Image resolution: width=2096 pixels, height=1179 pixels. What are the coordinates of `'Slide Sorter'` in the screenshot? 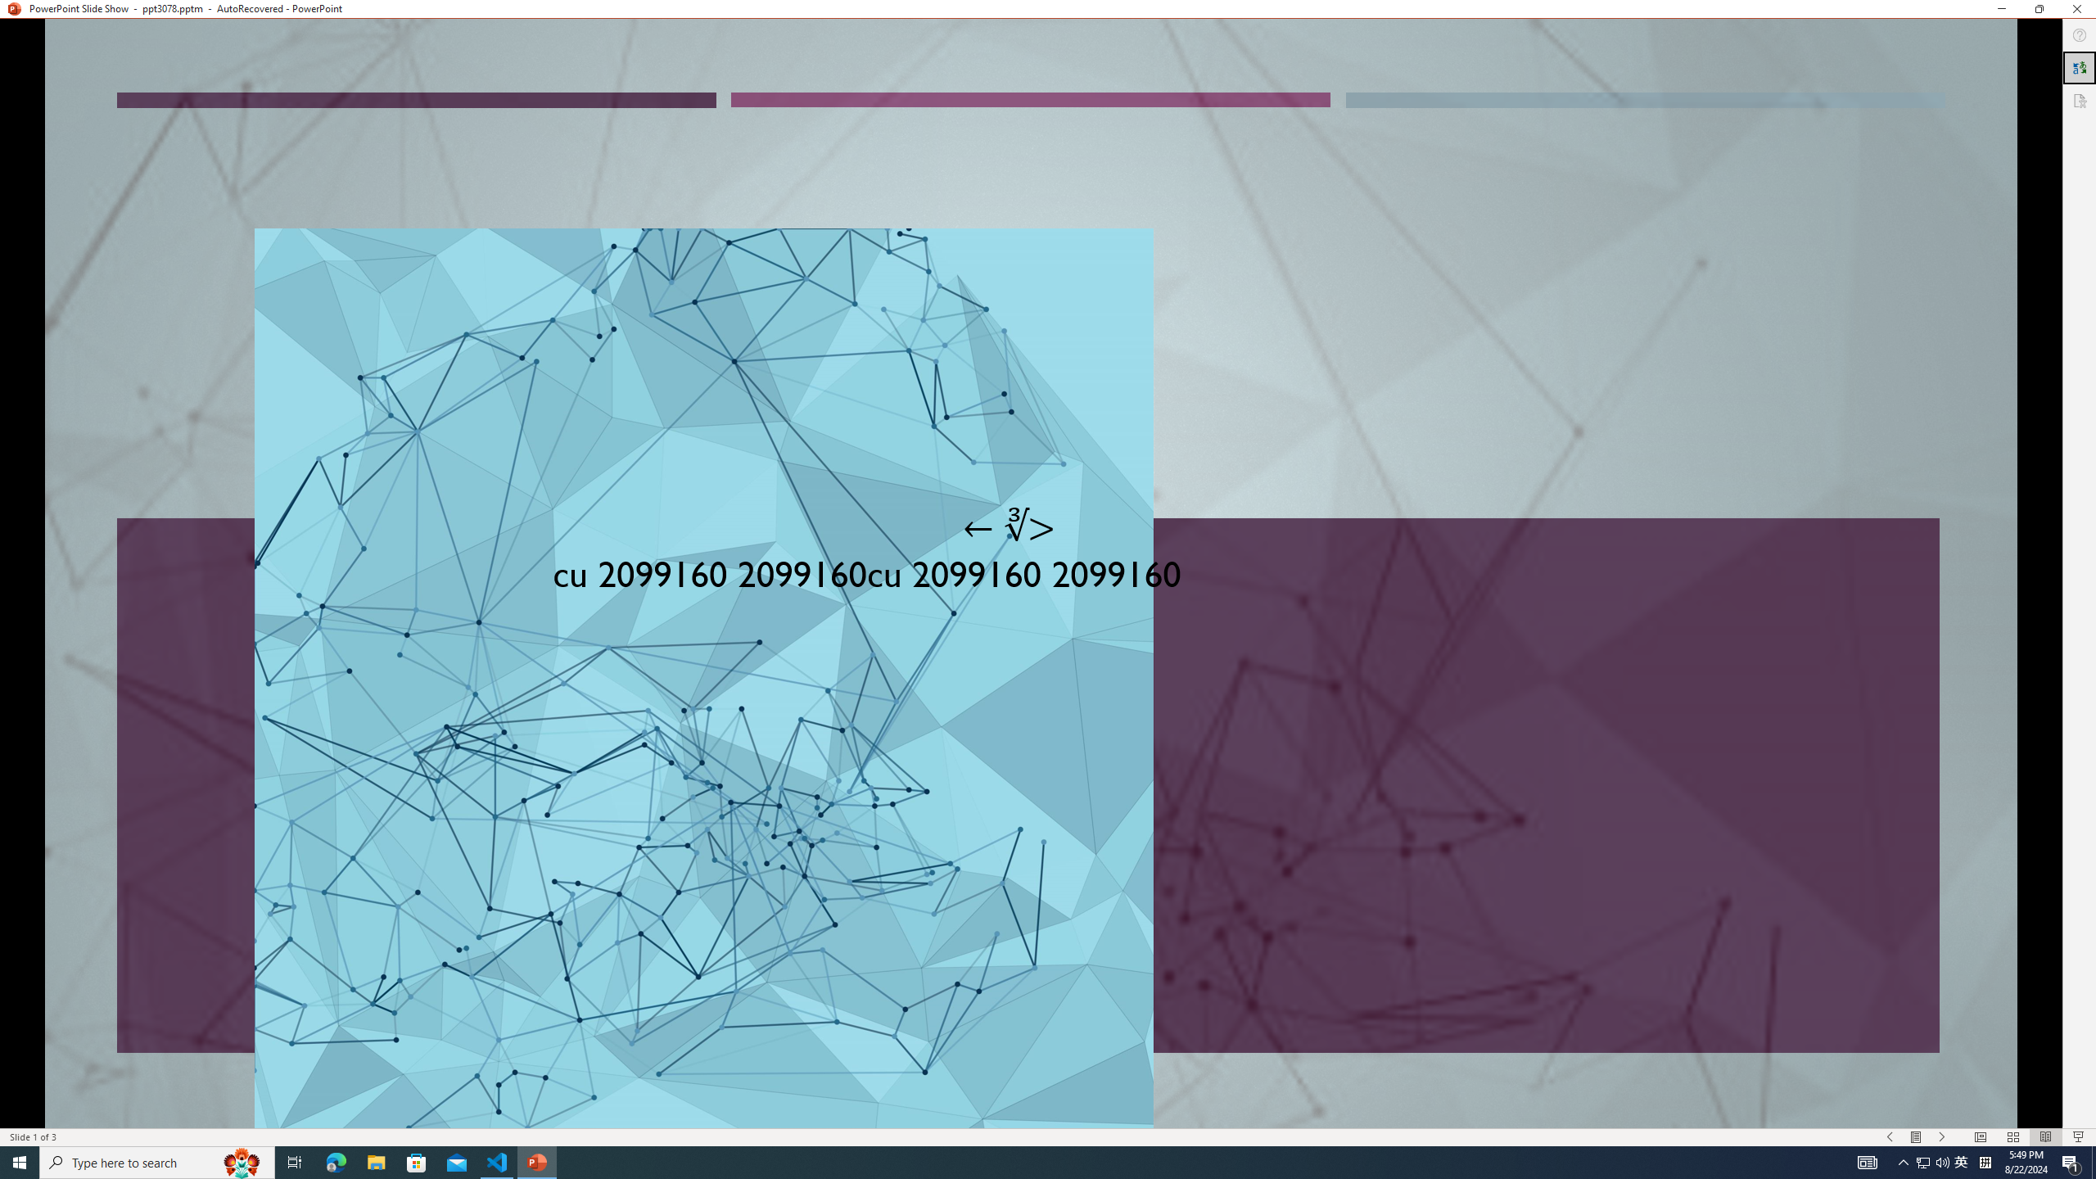 It's located at (2012, 1137).